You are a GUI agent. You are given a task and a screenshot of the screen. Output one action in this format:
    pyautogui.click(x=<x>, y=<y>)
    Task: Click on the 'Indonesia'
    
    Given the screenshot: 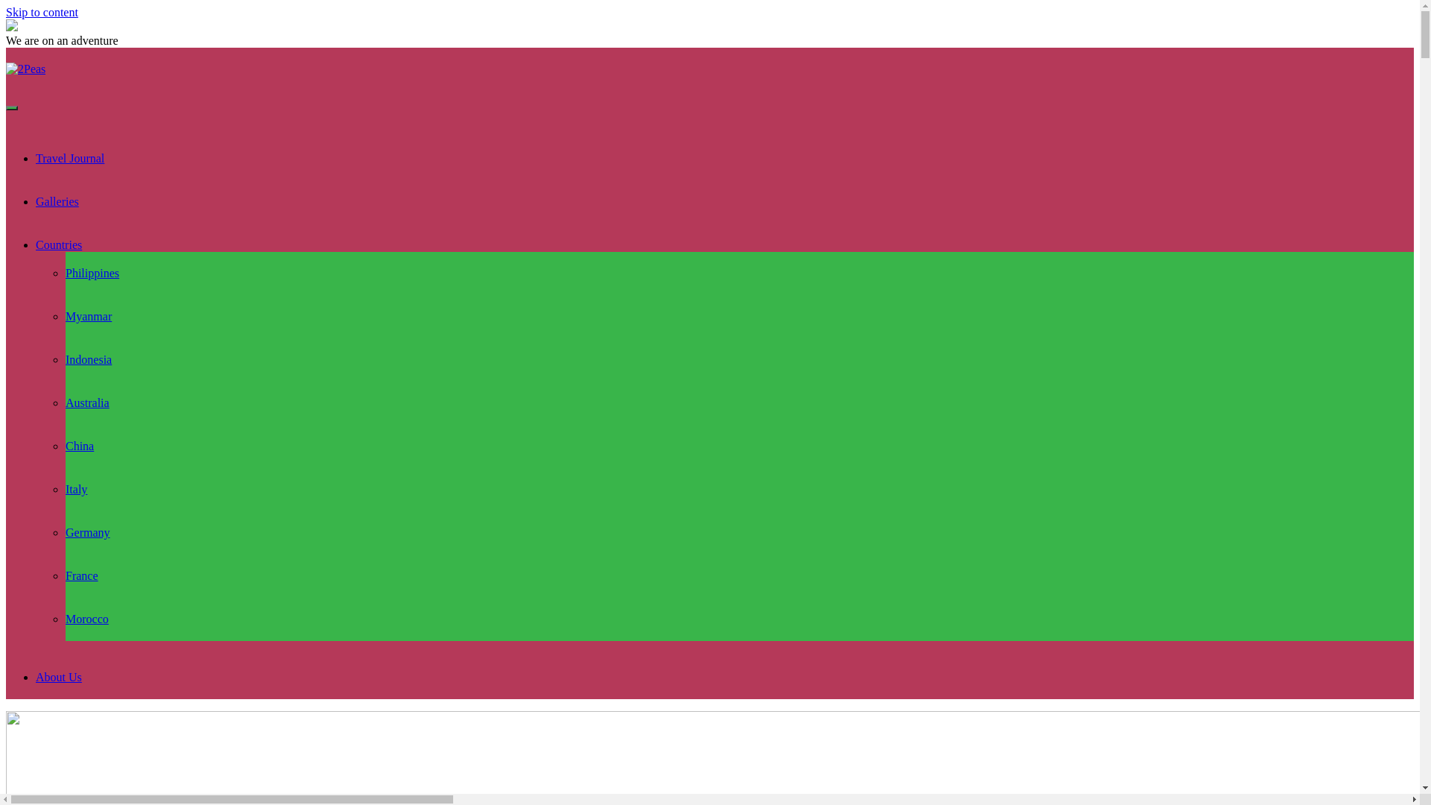 What is the action you would take?
    pyautogui.click(x=88, y=359)
    